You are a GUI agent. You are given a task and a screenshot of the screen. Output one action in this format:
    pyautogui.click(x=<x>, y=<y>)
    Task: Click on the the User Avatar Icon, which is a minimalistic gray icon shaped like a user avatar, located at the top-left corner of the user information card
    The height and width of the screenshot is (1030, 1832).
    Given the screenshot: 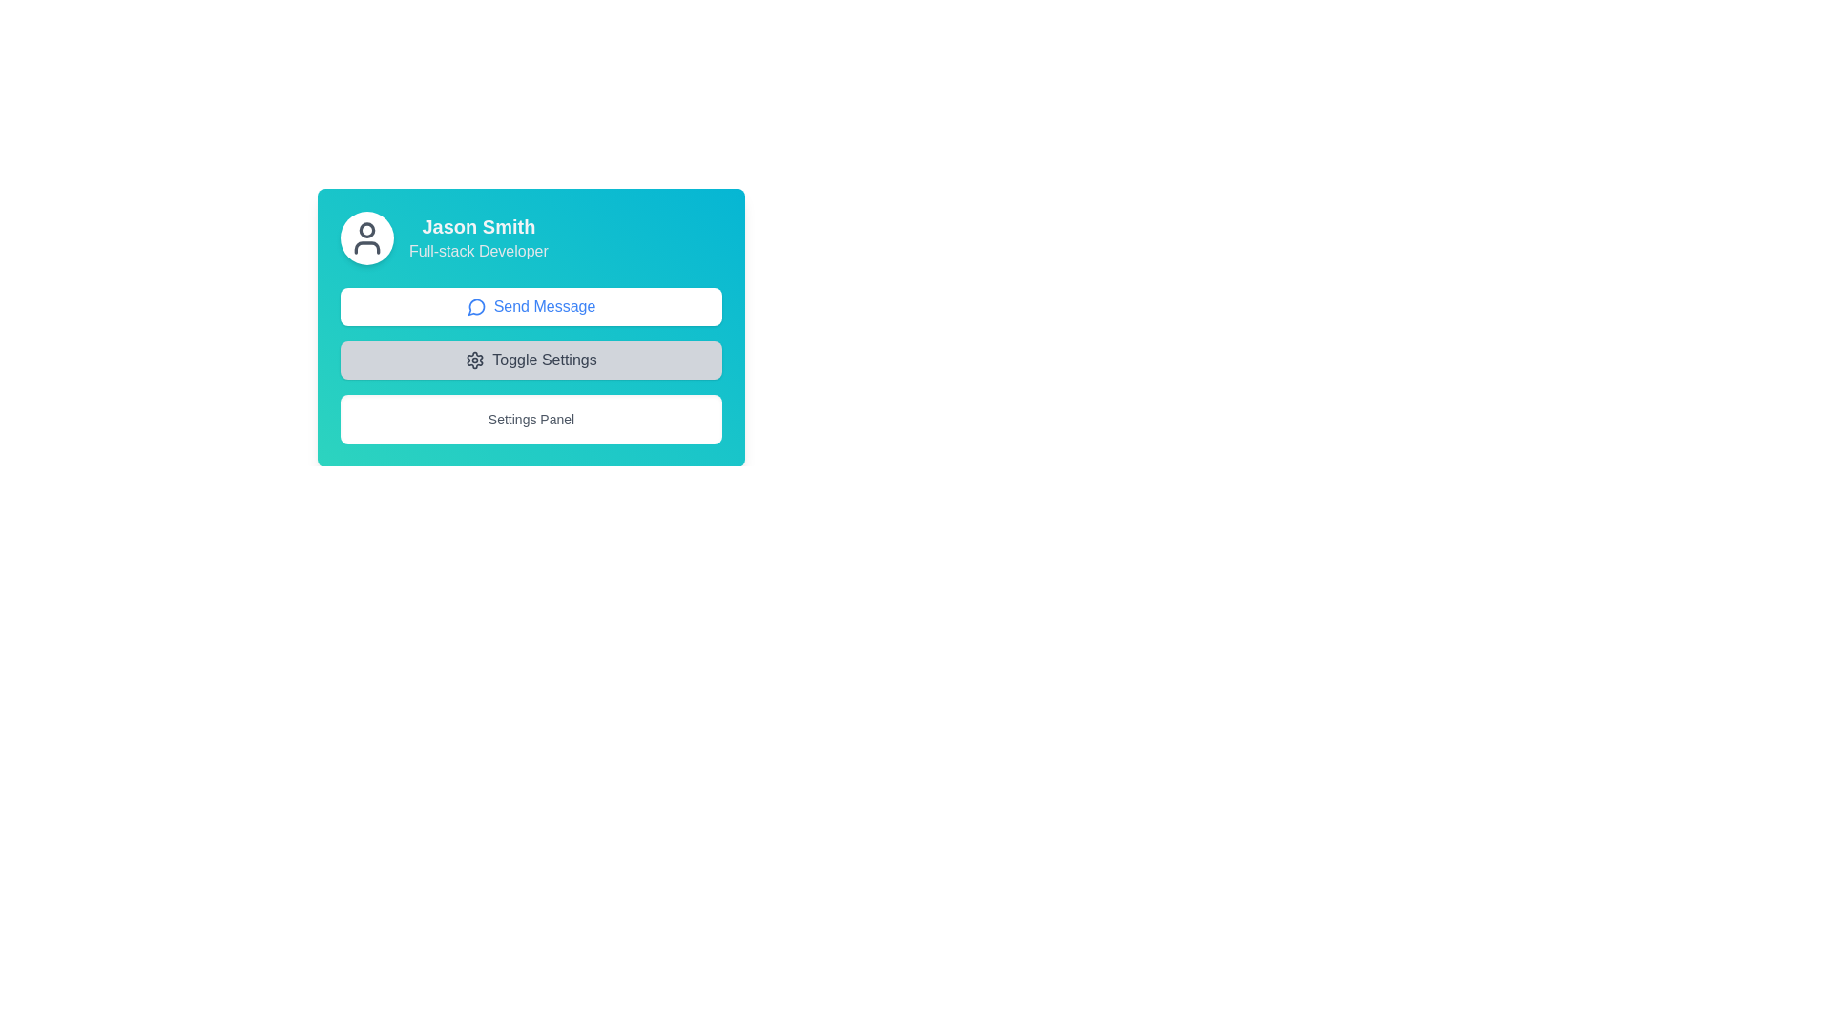 What is the action you would take?
    pyautogui.click(x=366, y=237)
    